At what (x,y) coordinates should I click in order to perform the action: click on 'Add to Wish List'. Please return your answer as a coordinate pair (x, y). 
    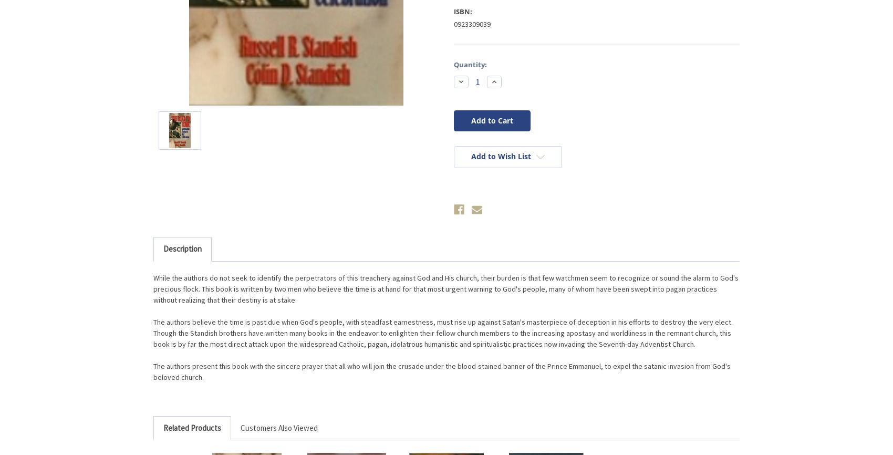
    Looking at the image, I should click on (501, 156).